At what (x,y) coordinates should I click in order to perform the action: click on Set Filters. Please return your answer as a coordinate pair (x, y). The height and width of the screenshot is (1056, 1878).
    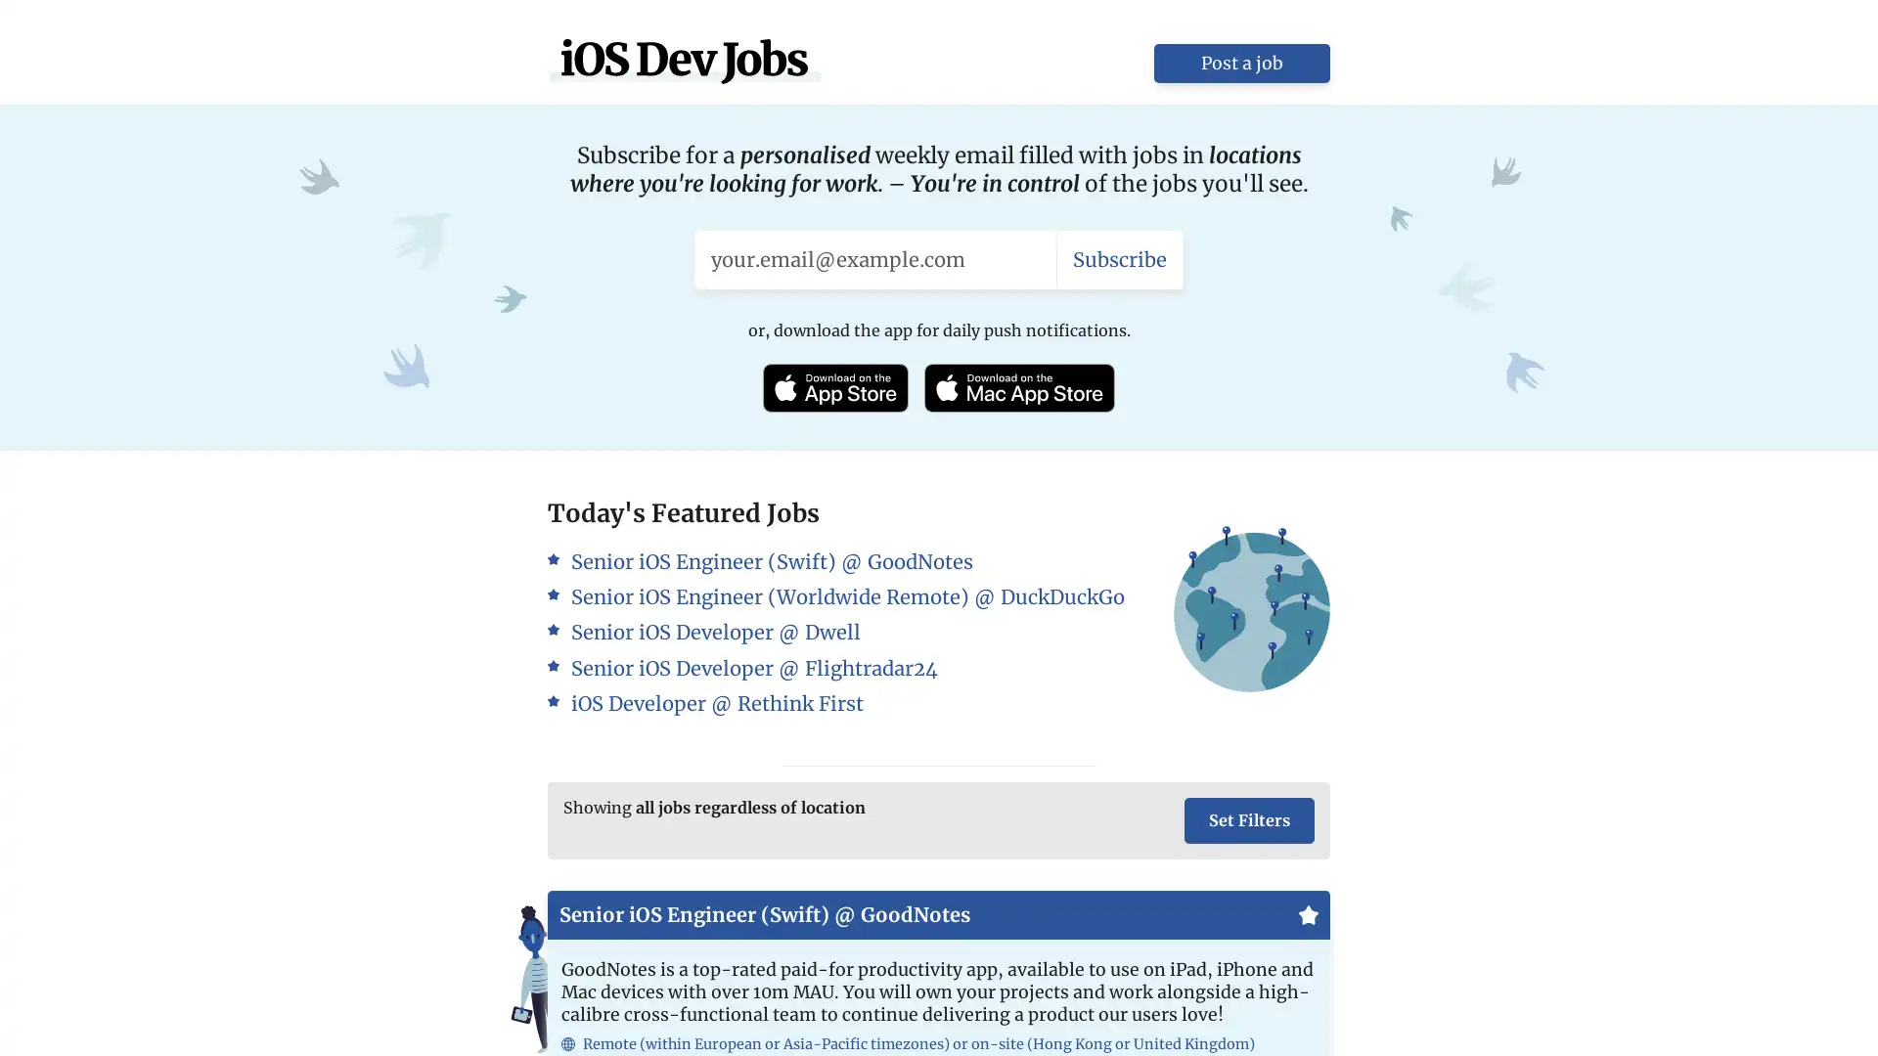
    Looking at the image, I should click on (1248, 820).